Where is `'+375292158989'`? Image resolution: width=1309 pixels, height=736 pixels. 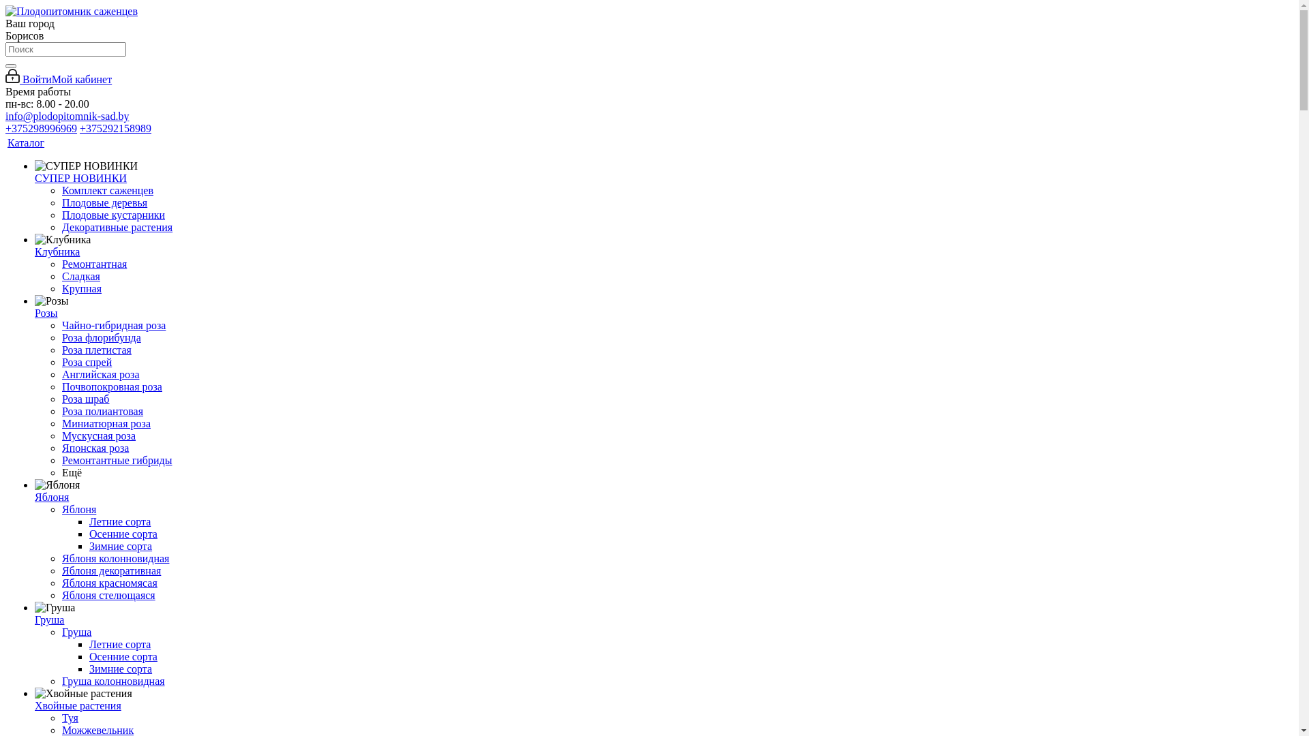
'+375292158989' is located at coordinates (115, 128).